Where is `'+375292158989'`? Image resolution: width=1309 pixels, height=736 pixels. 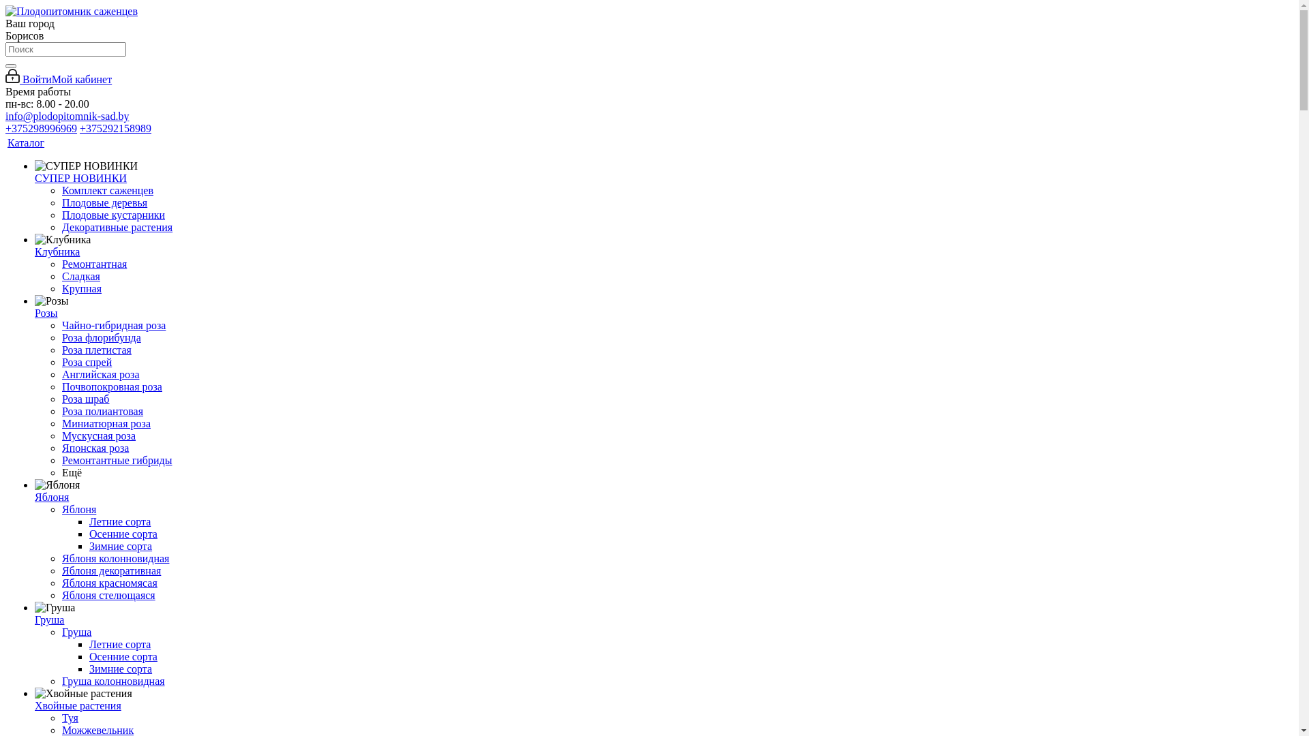
'+375292158989' is located at coordinates (115, 128).